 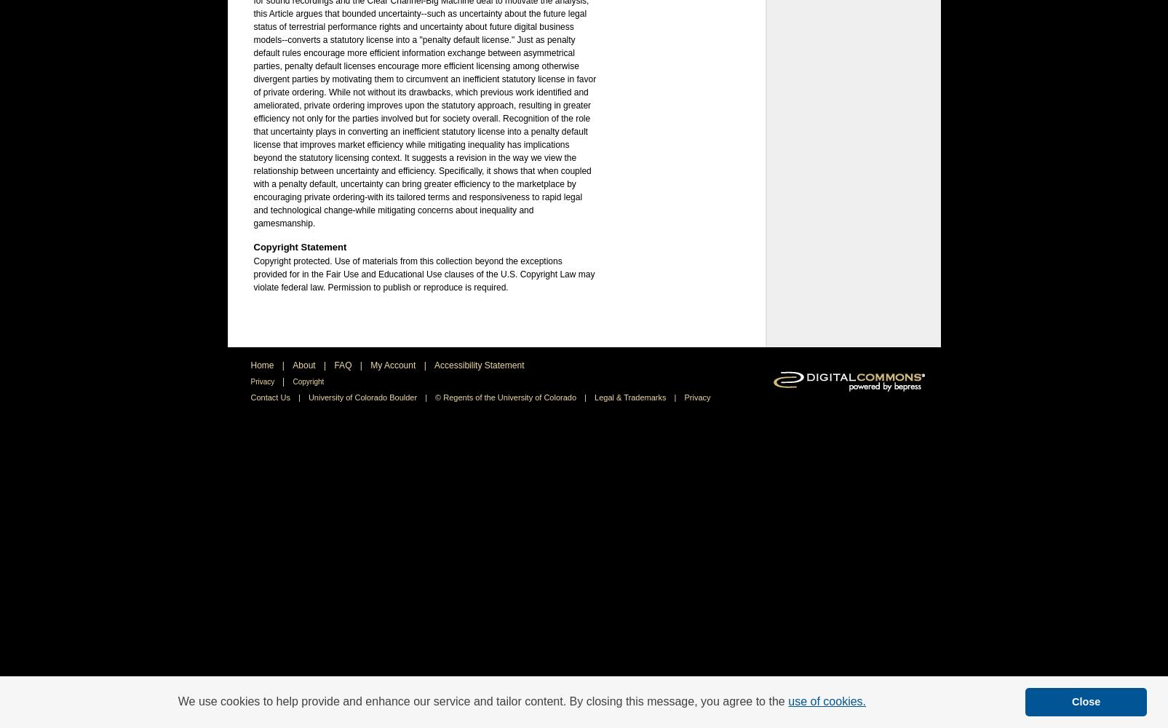 What do you see at coordinates (269, 397) in the screenshot?
I see `'Contact Us'` at bounding box center [269, 397].